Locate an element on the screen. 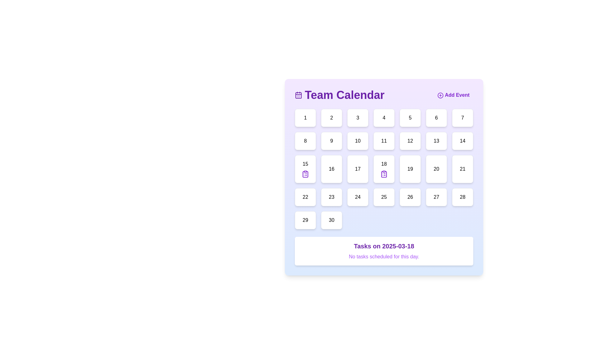  the Calendar date tile representing the 28th day of the month is located at coordinates (463, 197).